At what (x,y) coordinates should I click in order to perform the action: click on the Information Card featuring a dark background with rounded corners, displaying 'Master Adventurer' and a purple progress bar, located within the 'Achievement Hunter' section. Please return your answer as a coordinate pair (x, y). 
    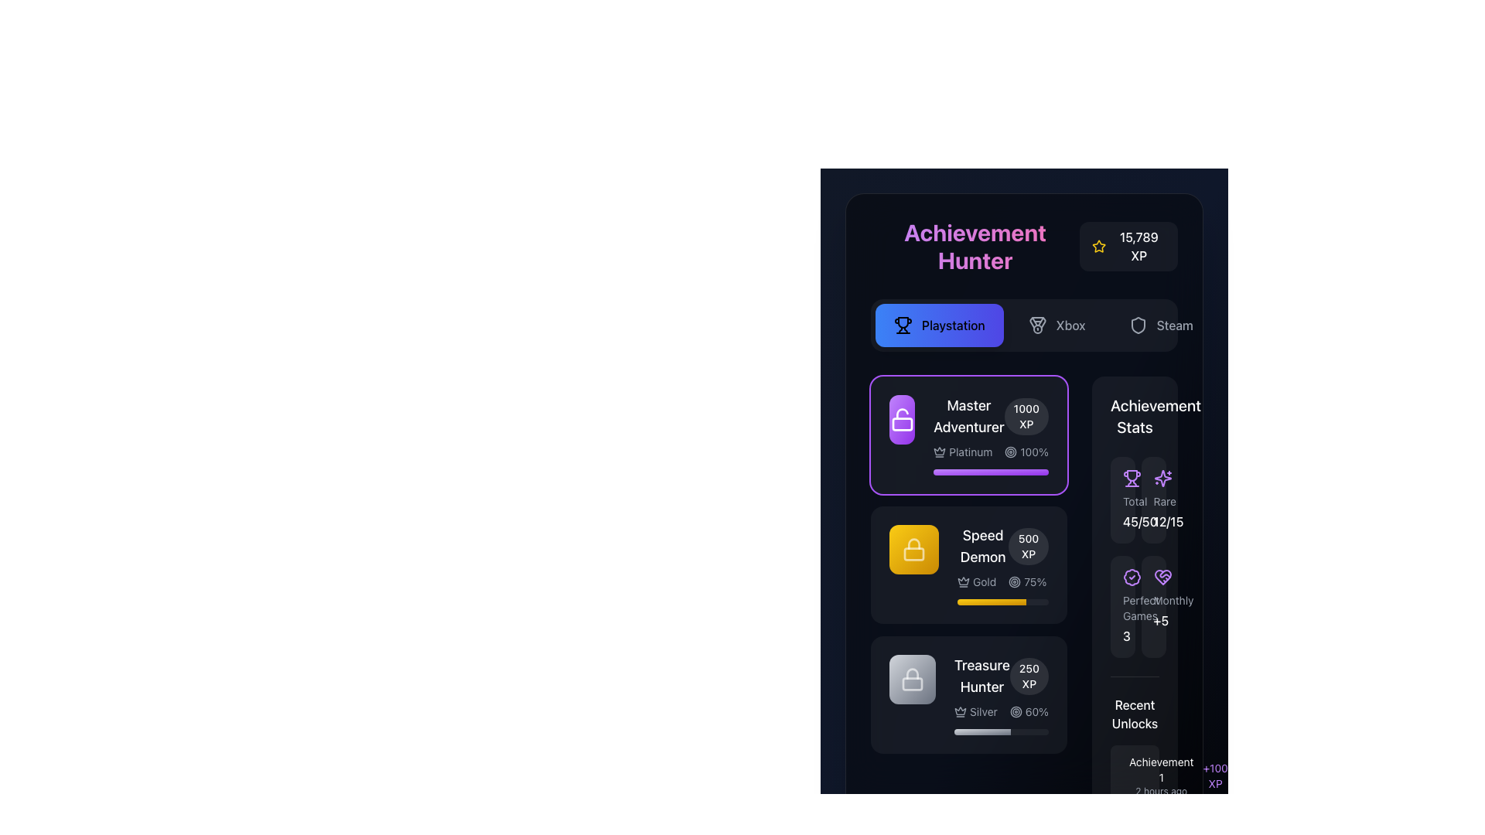
    Looking at the image, I should click on (968, 435).